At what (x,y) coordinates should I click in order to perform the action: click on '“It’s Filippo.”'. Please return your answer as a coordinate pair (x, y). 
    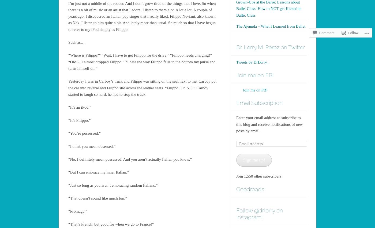
    Looking at the image, I should click on (79, 120).